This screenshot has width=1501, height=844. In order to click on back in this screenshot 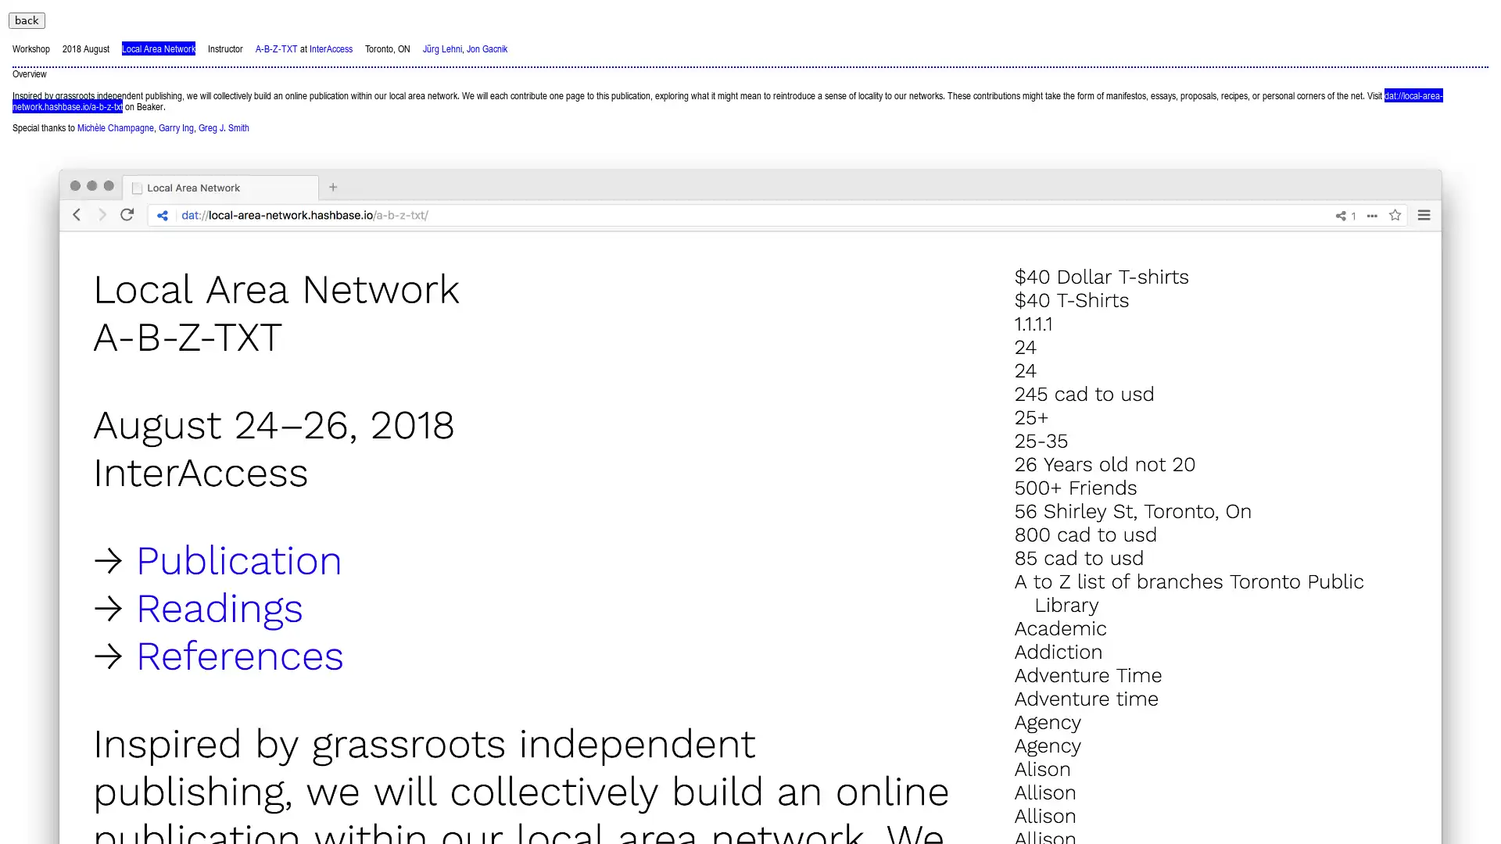, I will do `click(27, 20)`.